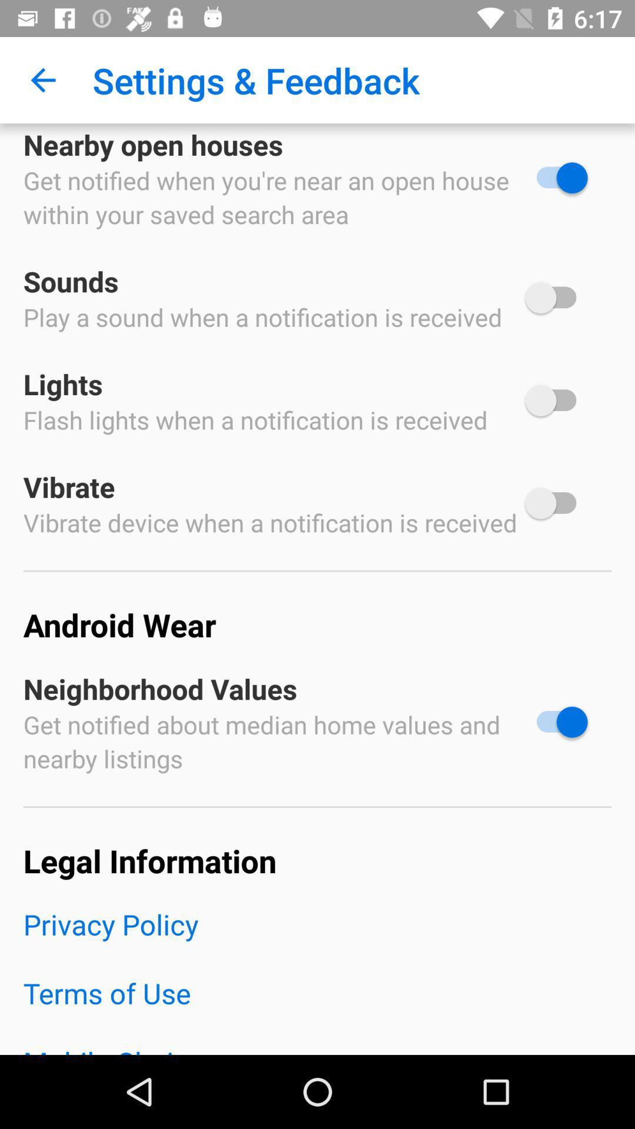  What do you see at coordinates (556, 722) in the screenshot?
I see `deactivate this` at bounding box center [556, 722].